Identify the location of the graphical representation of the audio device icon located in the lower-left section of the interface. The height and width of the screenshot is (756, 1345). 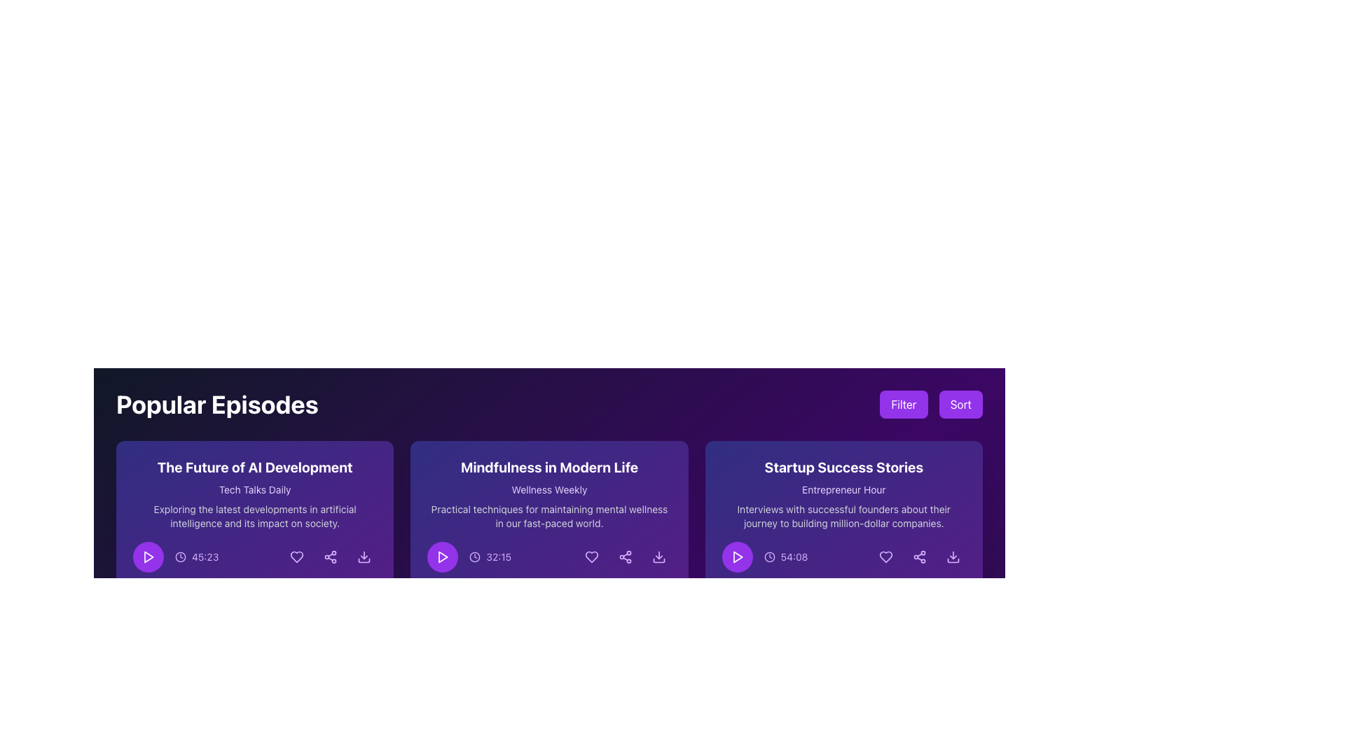
(432, 602).